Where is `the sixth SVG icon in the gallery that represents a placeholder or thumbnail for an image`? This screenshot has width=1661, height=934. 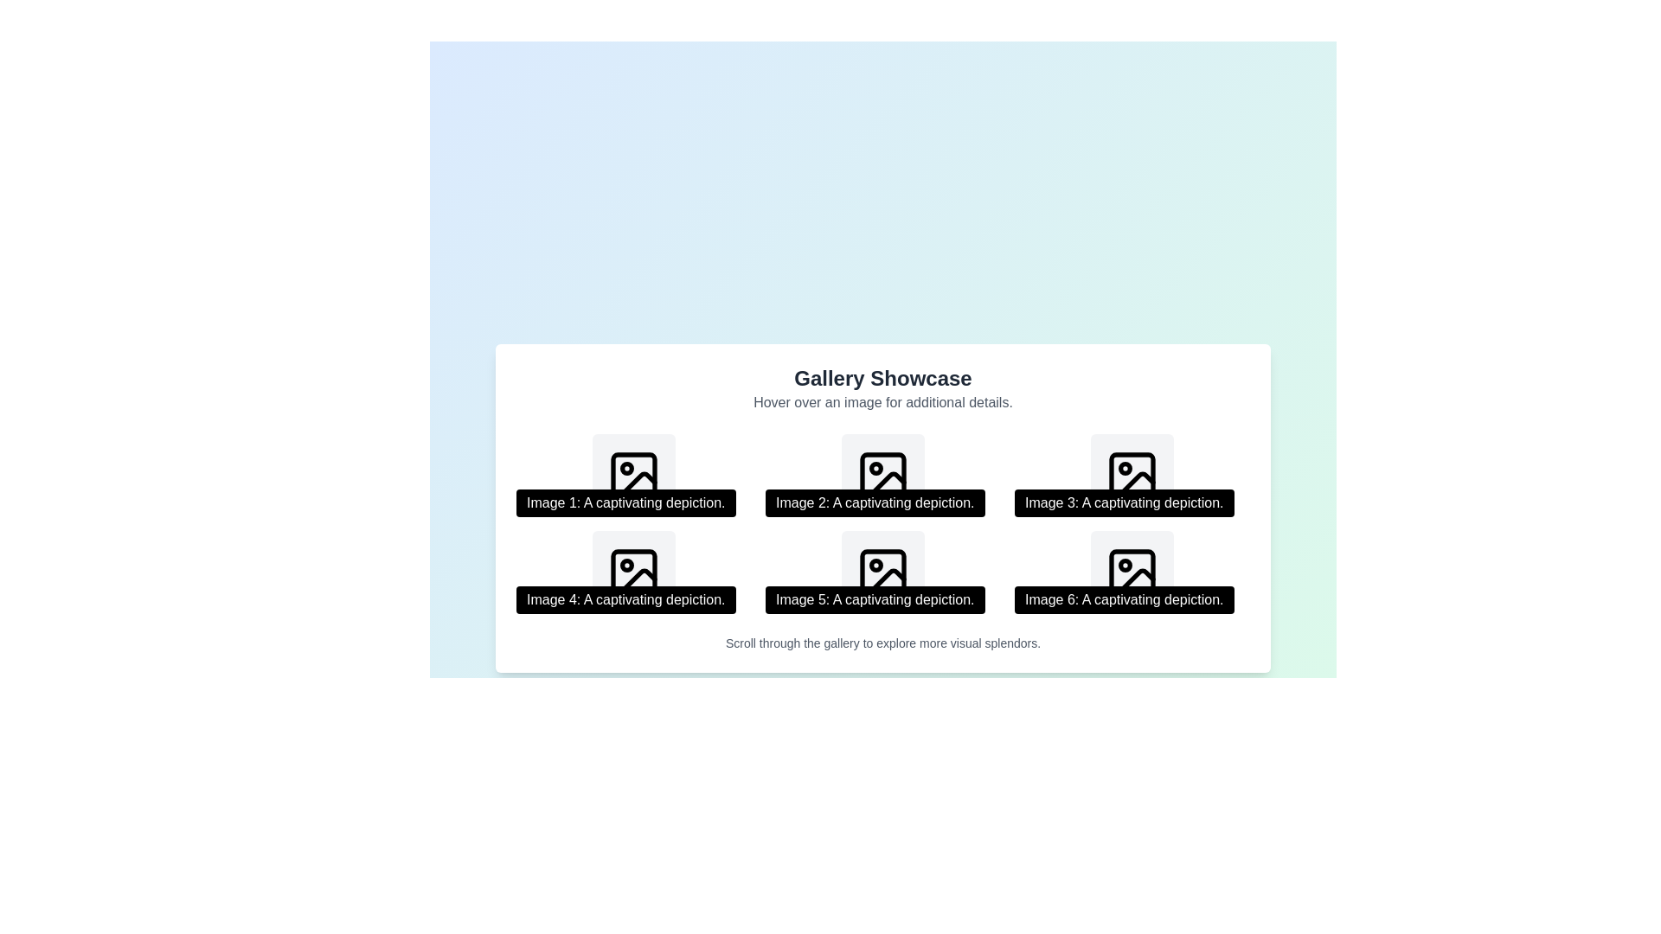
the sixth SVG icon in the gallery that represents a placeholder or thumbnail for an image is located at coordinates (1132, 573).